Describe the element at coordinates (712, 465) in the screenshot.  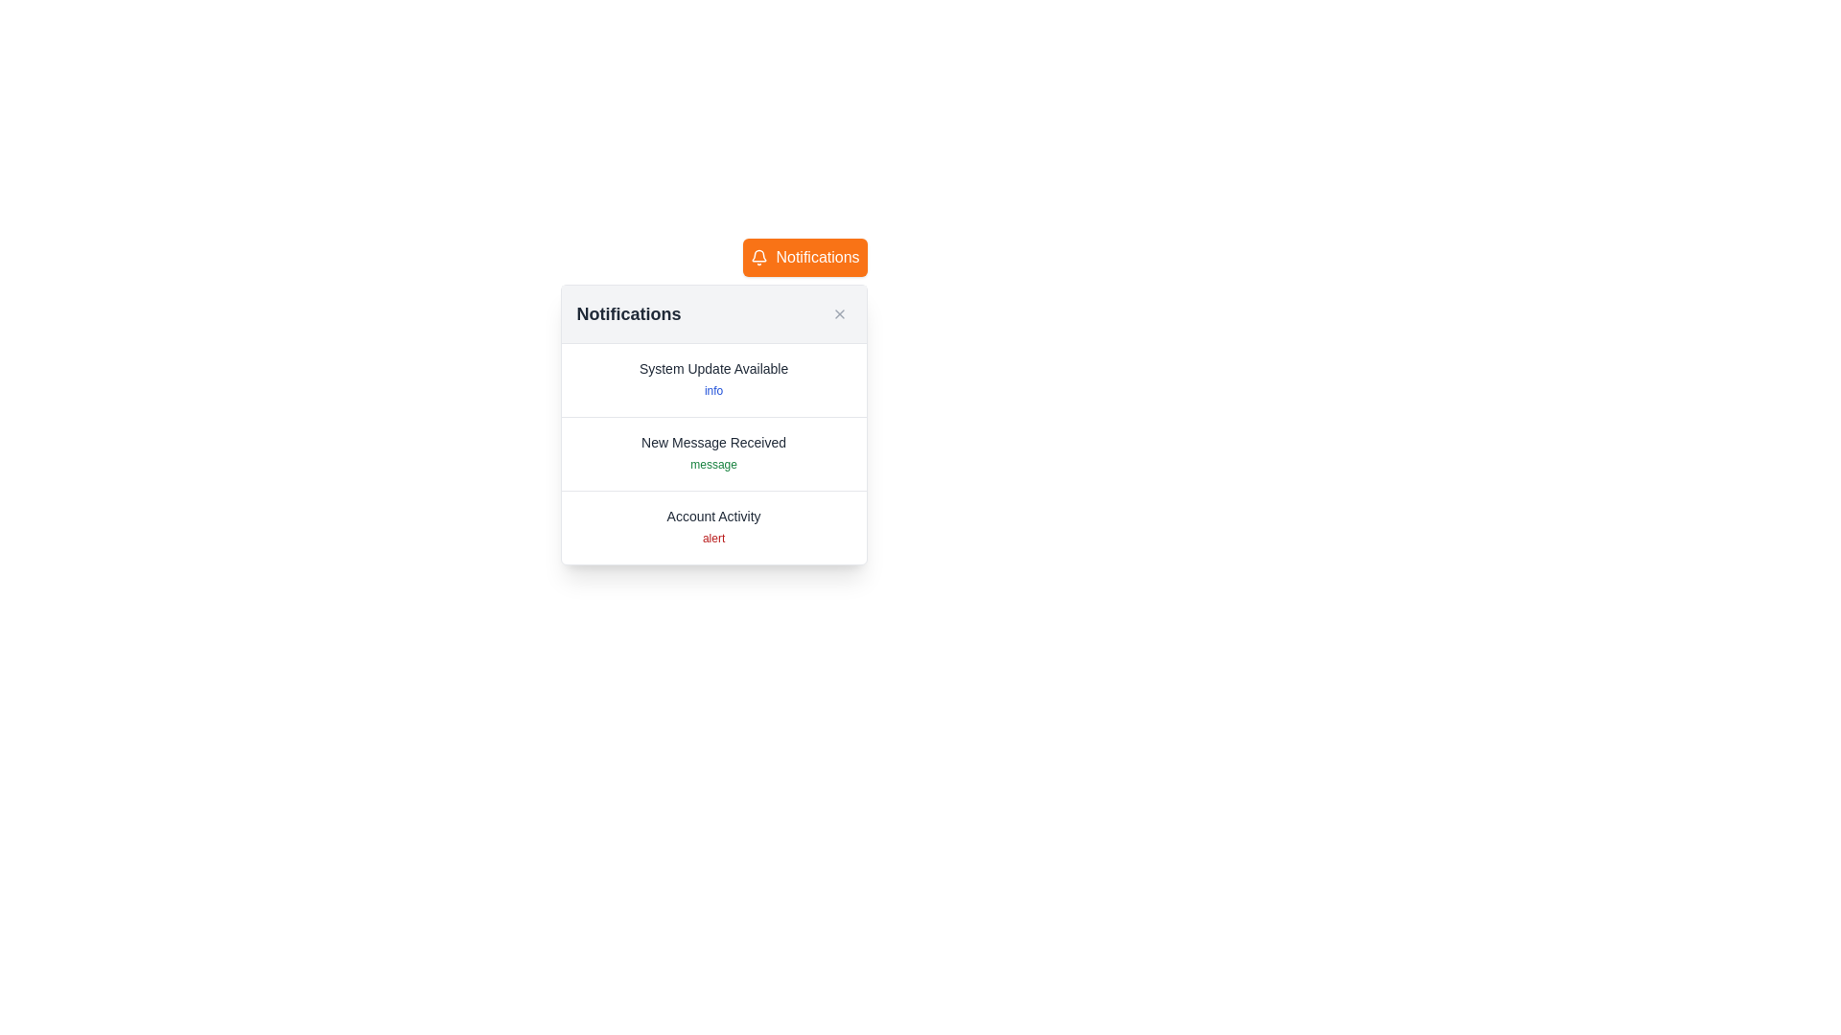
I see `the text label that provides additional information about the notification status, located beneath the 'New Message Received' text in the second row of the notification card` at that location.